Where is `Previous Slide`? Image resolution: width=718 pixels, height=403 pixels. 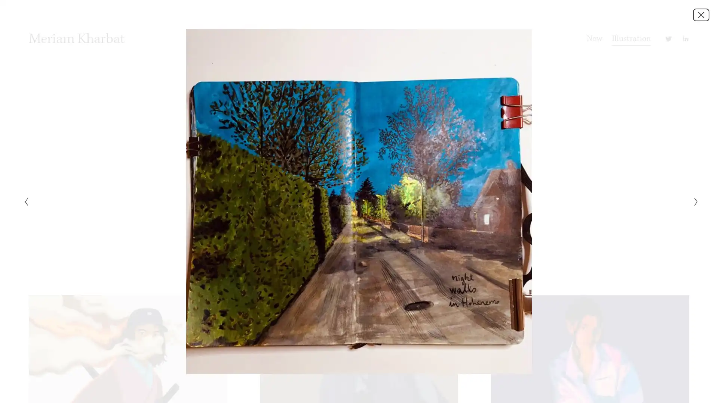
Previous Slide is located at coordinates (24, 201).